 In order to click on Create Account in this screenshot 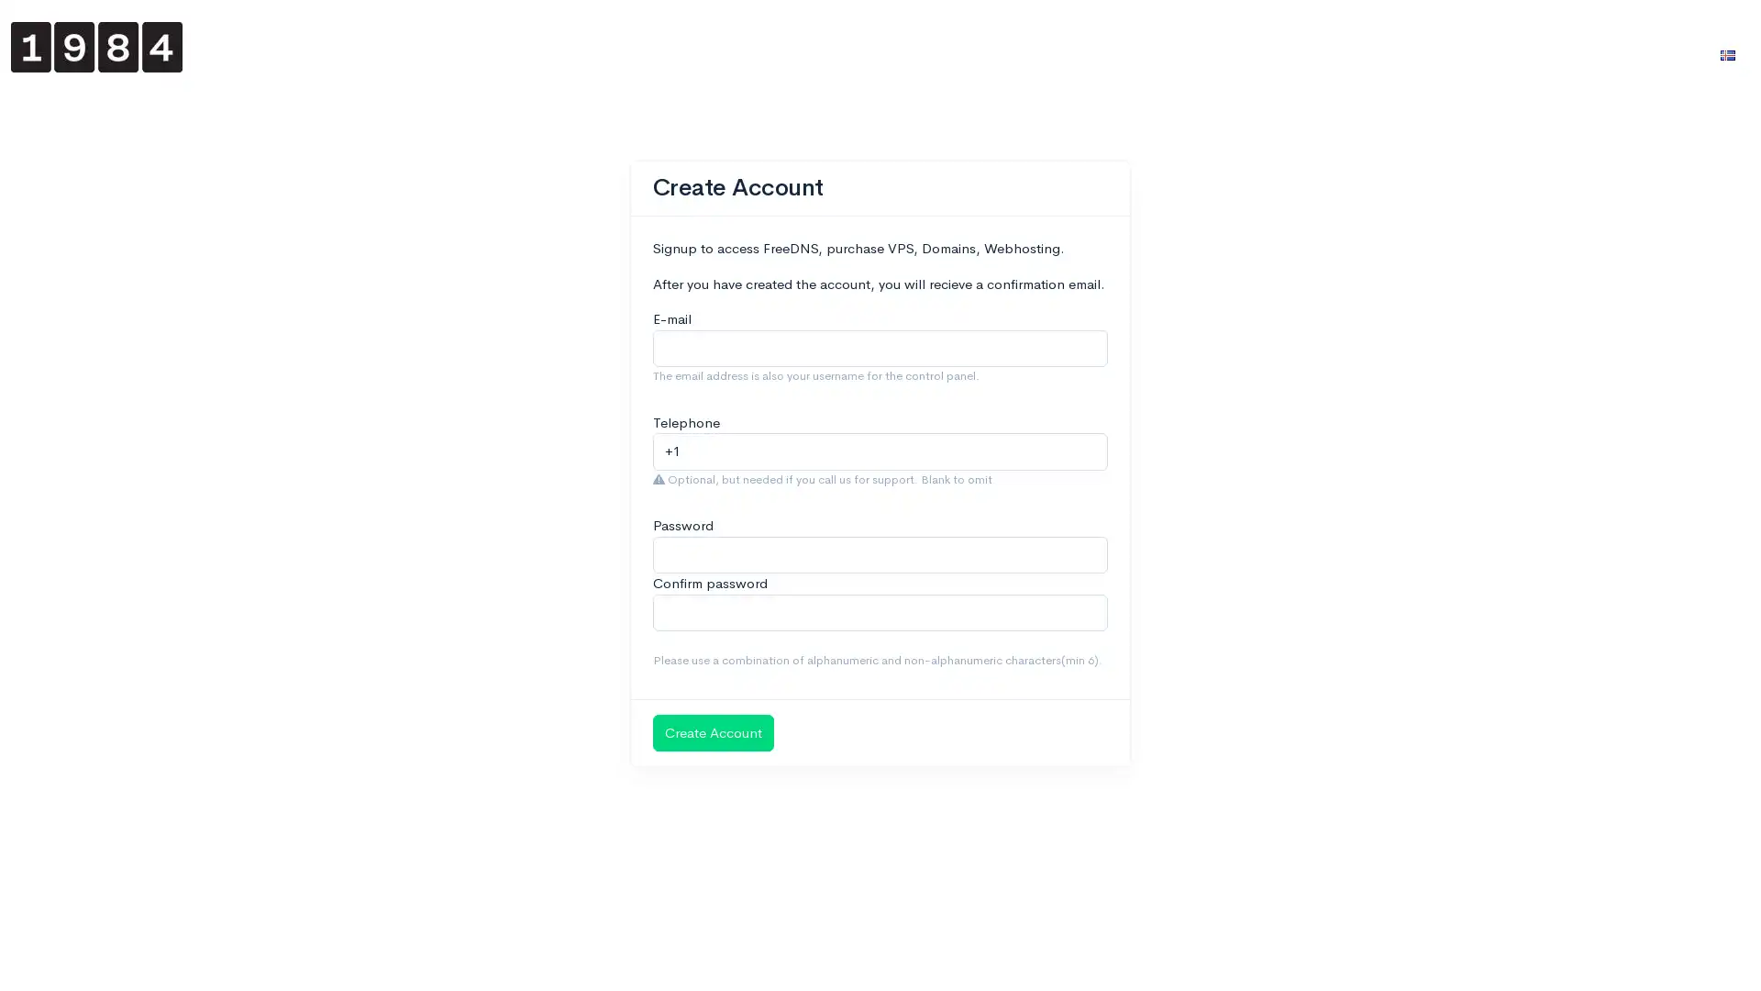, I will do `click(712, 731)`.